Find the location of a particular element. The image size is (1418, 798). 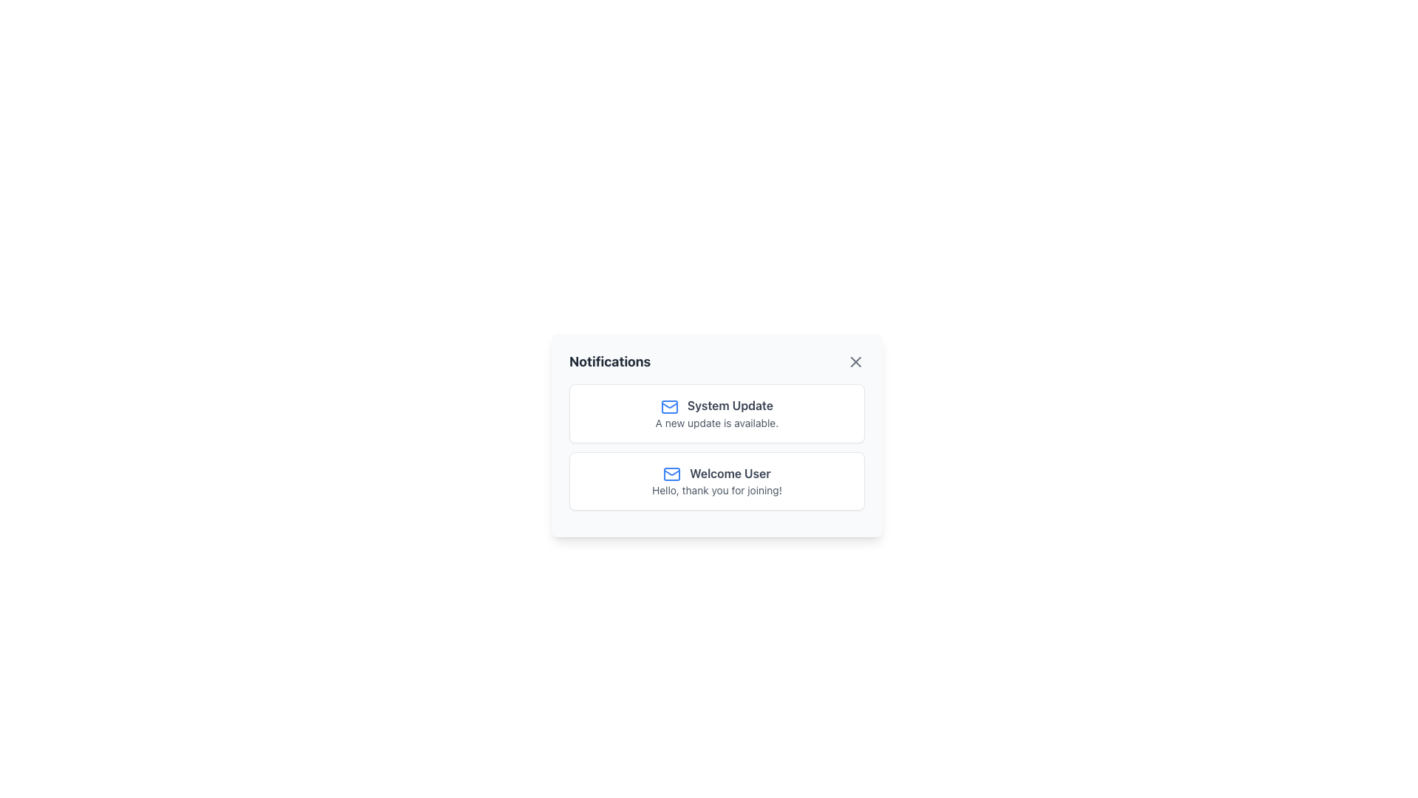

the gray 'X' icon button located on the right side of the notifications title is located at coordinates (855, 361).